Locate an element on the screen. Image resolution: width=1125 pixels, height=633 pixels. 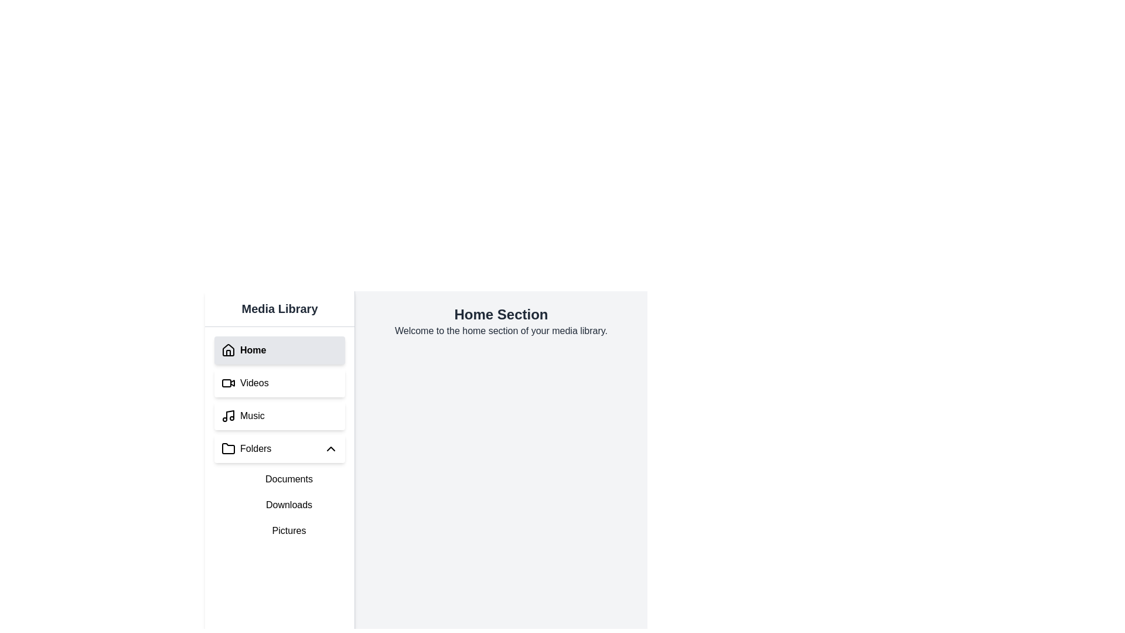
the rounded rectangle element that is part of the video camera icon located to the left of the 'Videos' label in the sidebar is located at coordinates (227, 383).